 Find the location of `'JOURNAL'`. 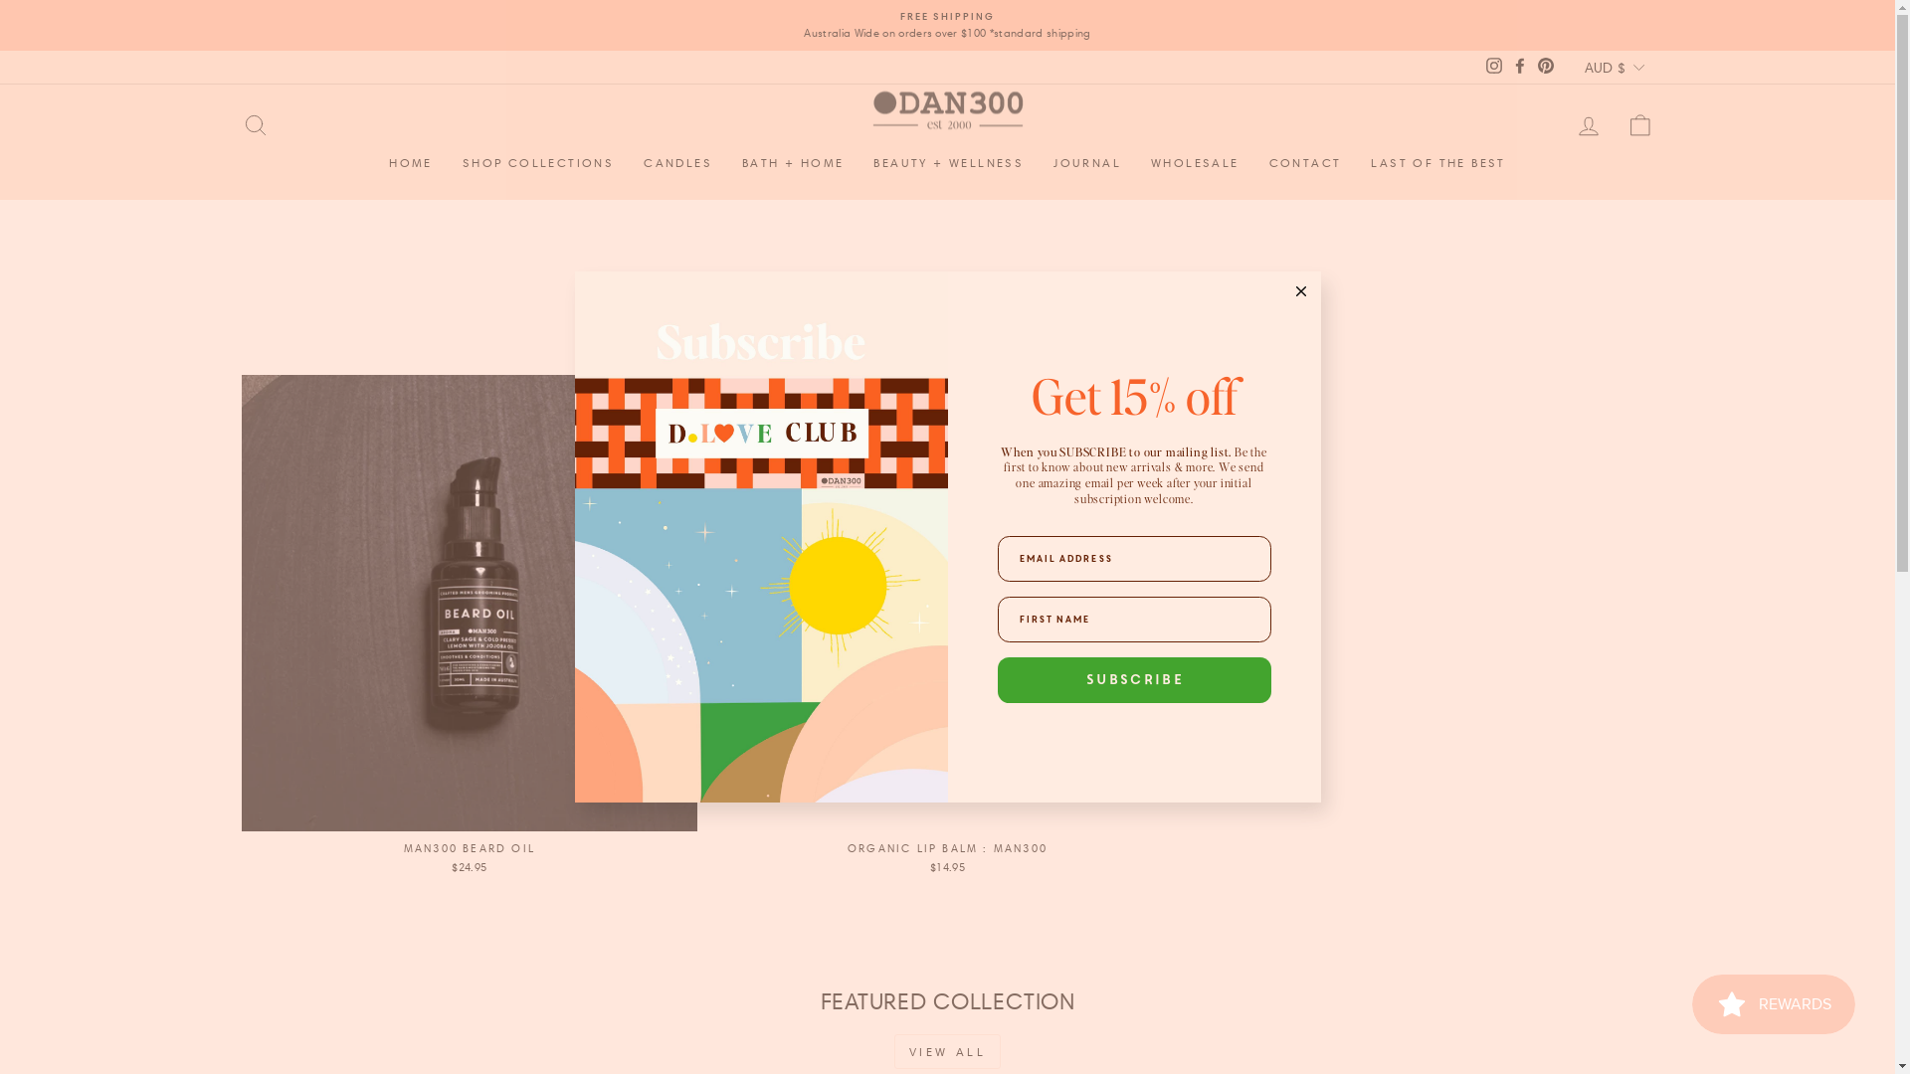

'JOURNAL' is located at coordinates (1037, 162).